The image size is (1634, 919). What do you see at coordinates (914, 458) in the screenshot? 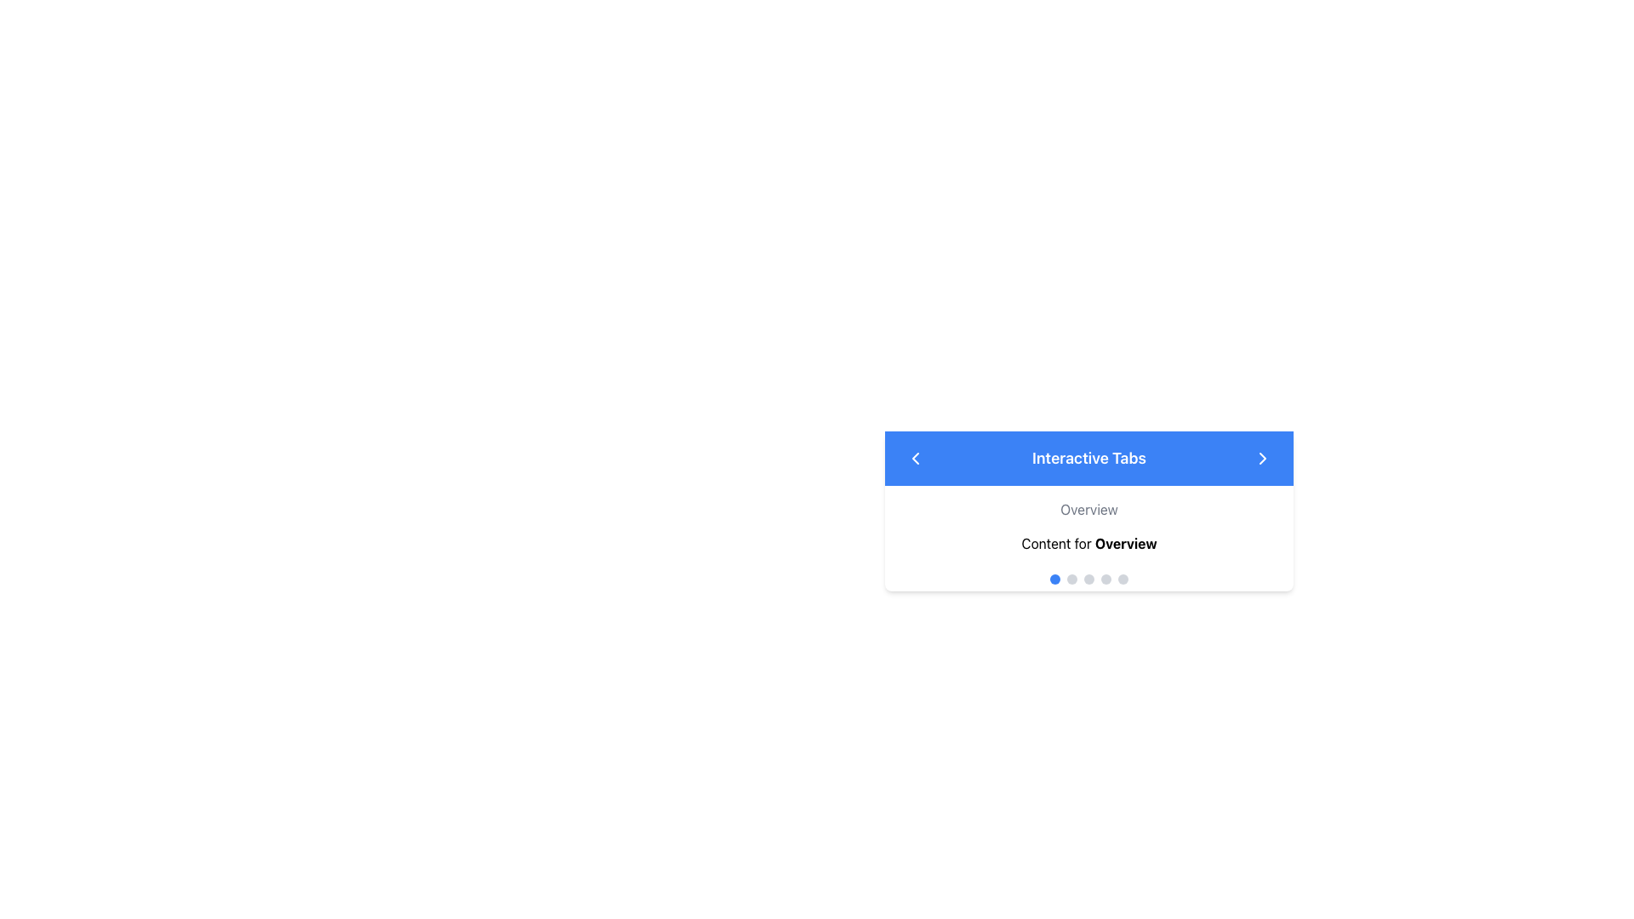
I see `the left-pointing chevron icon button located in the blue header bar labeled 'Interactive Tabs'` at bounding box center [914, 458].